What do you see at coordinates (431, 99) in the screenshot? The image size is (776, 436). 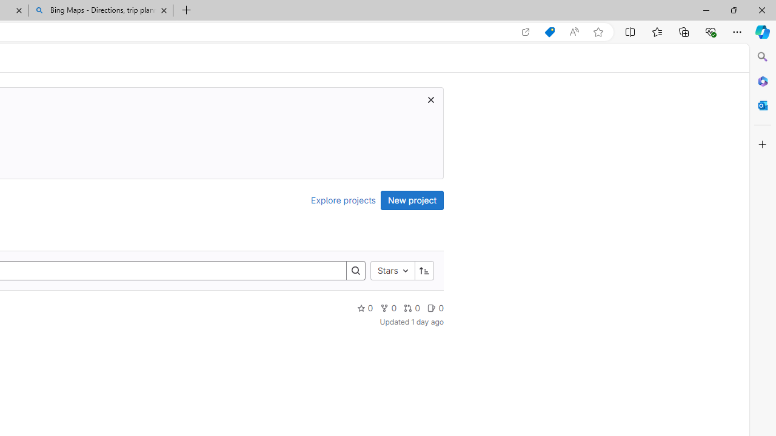 I see `'Dismiss trial promotion'` at bounding box center [431, 99].